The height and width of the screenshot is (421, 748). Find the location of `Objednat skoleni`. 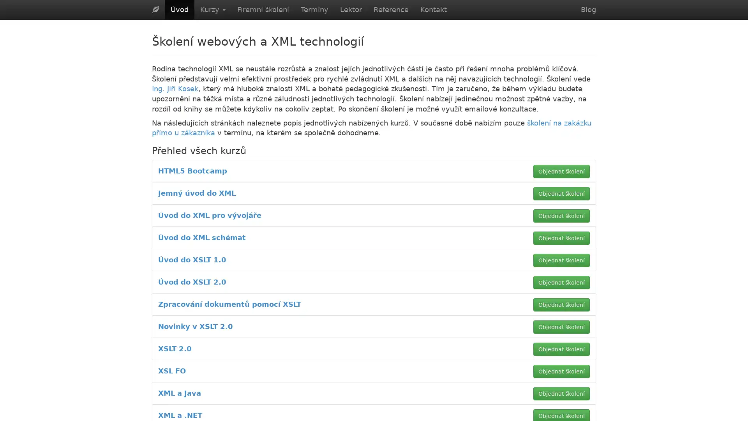

Objednat skoleni is located at coordinates (561, 193).